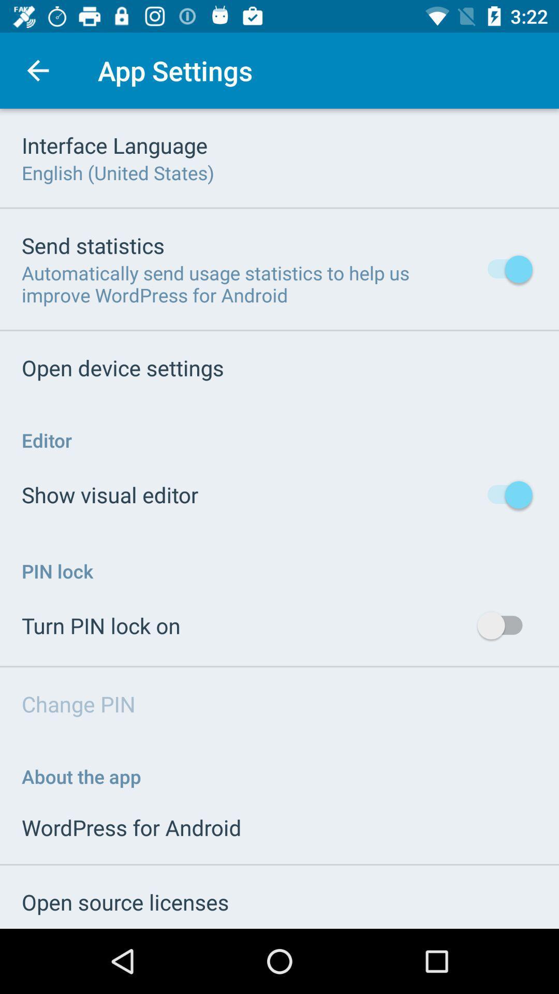 The image size is (559, 994). Describe the element at coordinates (247, 284) in the screenshot. I see `automatically send usage item` at that location.